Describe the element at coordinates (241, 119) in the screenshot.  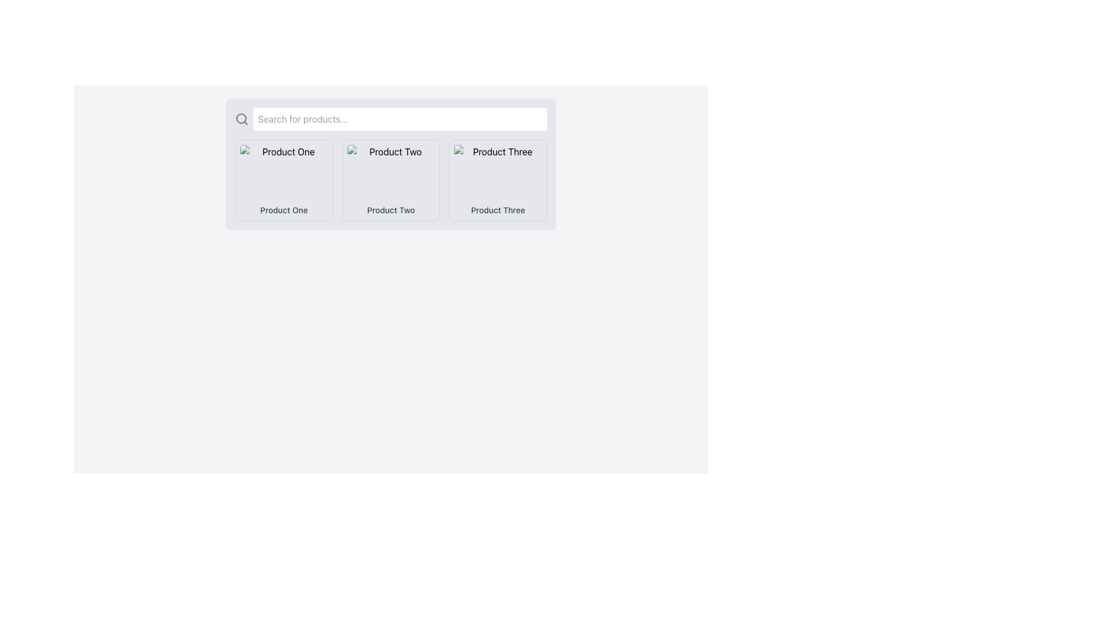
I see `the search icon located to the left of the text input field, which serves as a representation of the search feature` at that location.